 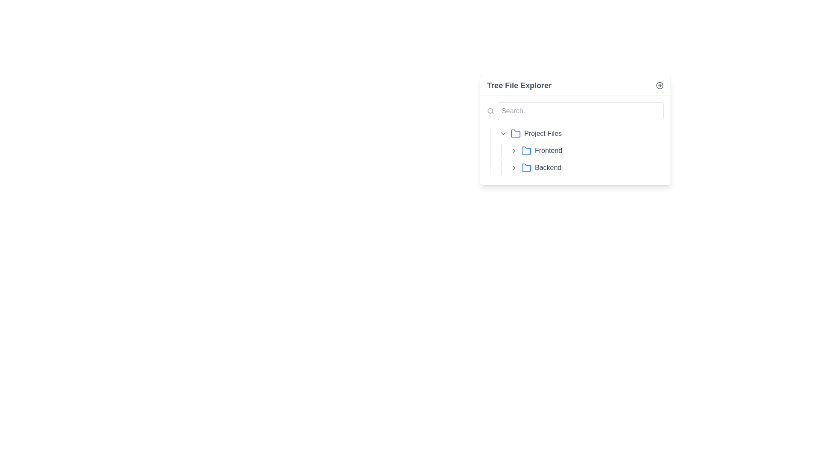 What do you see at coordinates (519, 85) in the screenshot?
I see `the prominent 'Tree File Explorer' text label, which is a bold, large dark gray title positioned at the top-center of the interface section` at bounding box center [519, 85].